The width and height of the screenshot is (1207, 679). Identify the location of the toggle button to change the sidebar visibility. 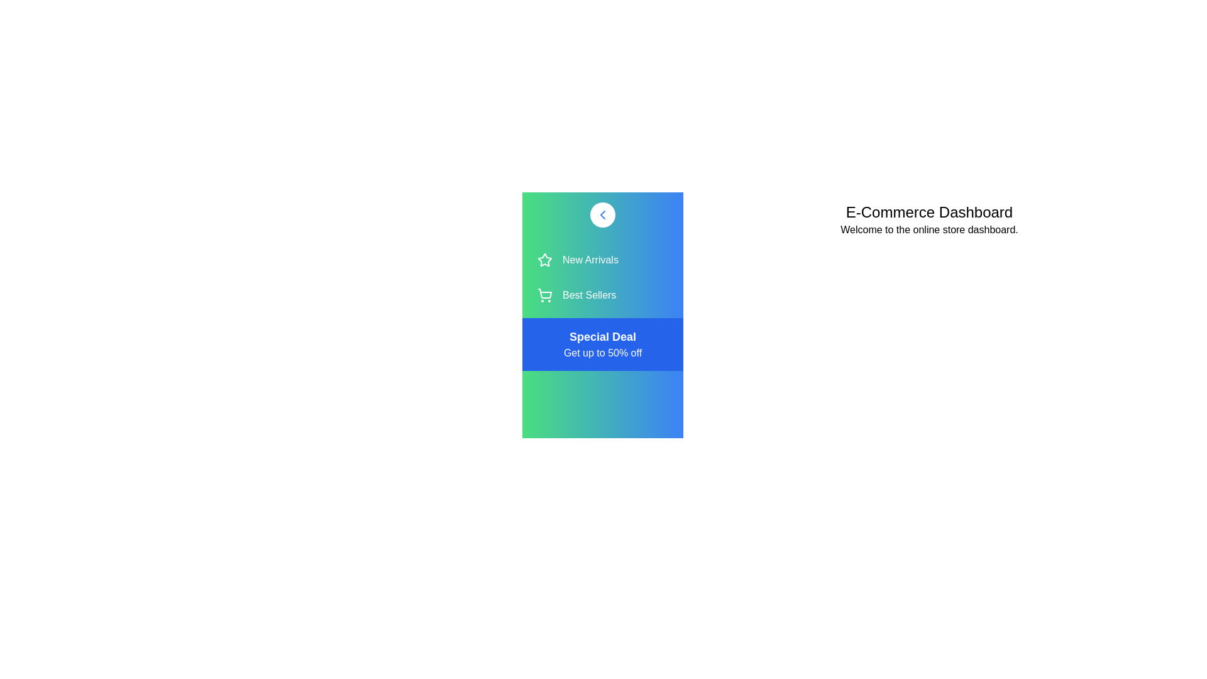
(602, 214).